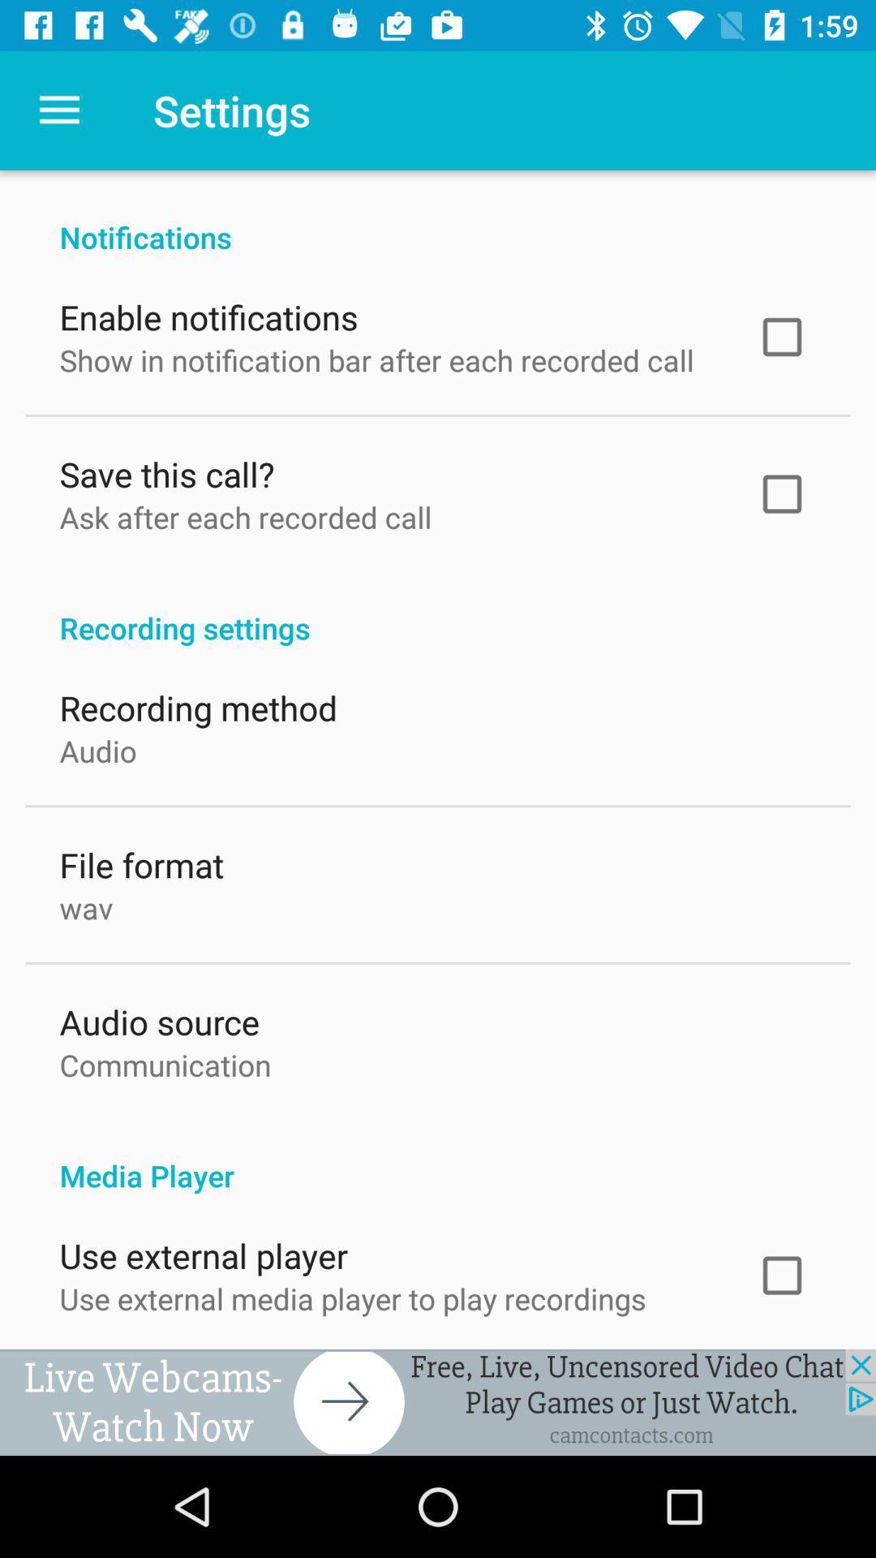  I want to click on item above wav icon, so click(140, 860).